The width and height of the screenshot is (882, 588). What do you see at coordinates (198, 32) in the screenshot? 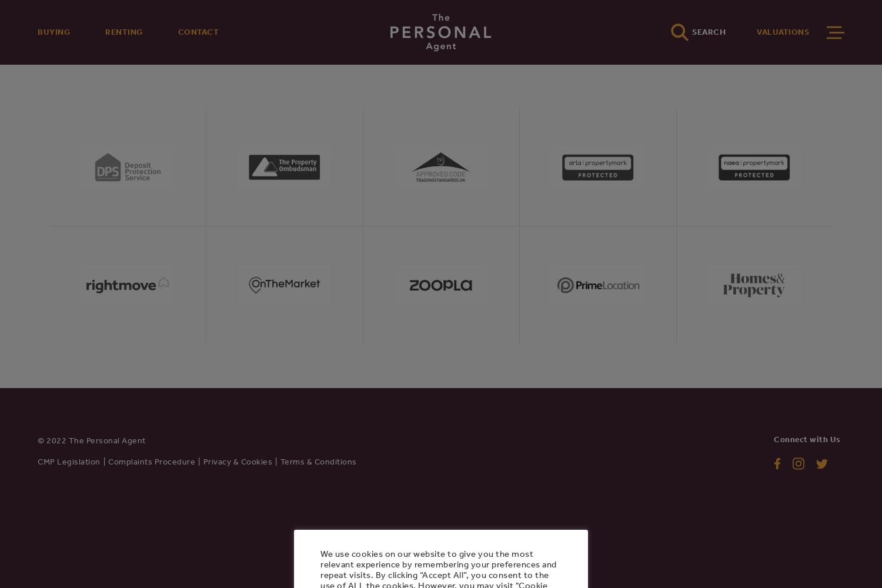
I see `'Contact'` at bounding box center [198, 32].